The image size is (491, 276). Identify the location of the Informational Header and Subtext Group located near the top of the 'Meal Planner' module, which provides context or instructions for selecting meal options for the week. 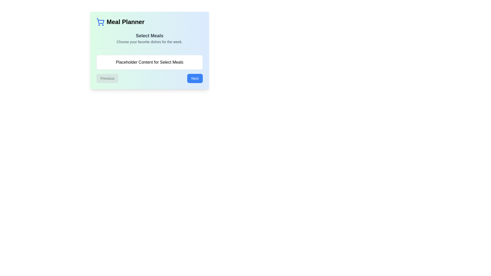
(149, 40).